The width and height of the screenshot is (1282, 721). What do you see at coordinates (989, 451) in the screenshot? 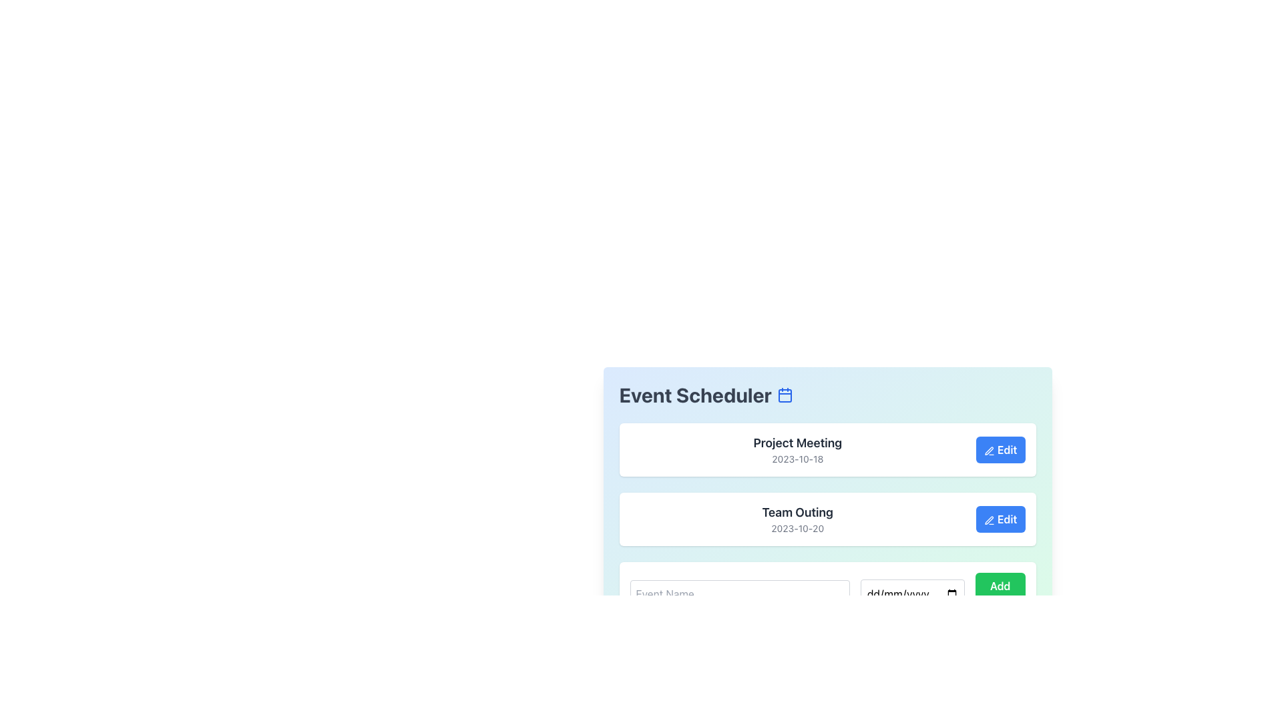
I see `the pen icon within the blue 'Edit' button located at the top-right corner of the event details box` at bounding box center [989, 451].